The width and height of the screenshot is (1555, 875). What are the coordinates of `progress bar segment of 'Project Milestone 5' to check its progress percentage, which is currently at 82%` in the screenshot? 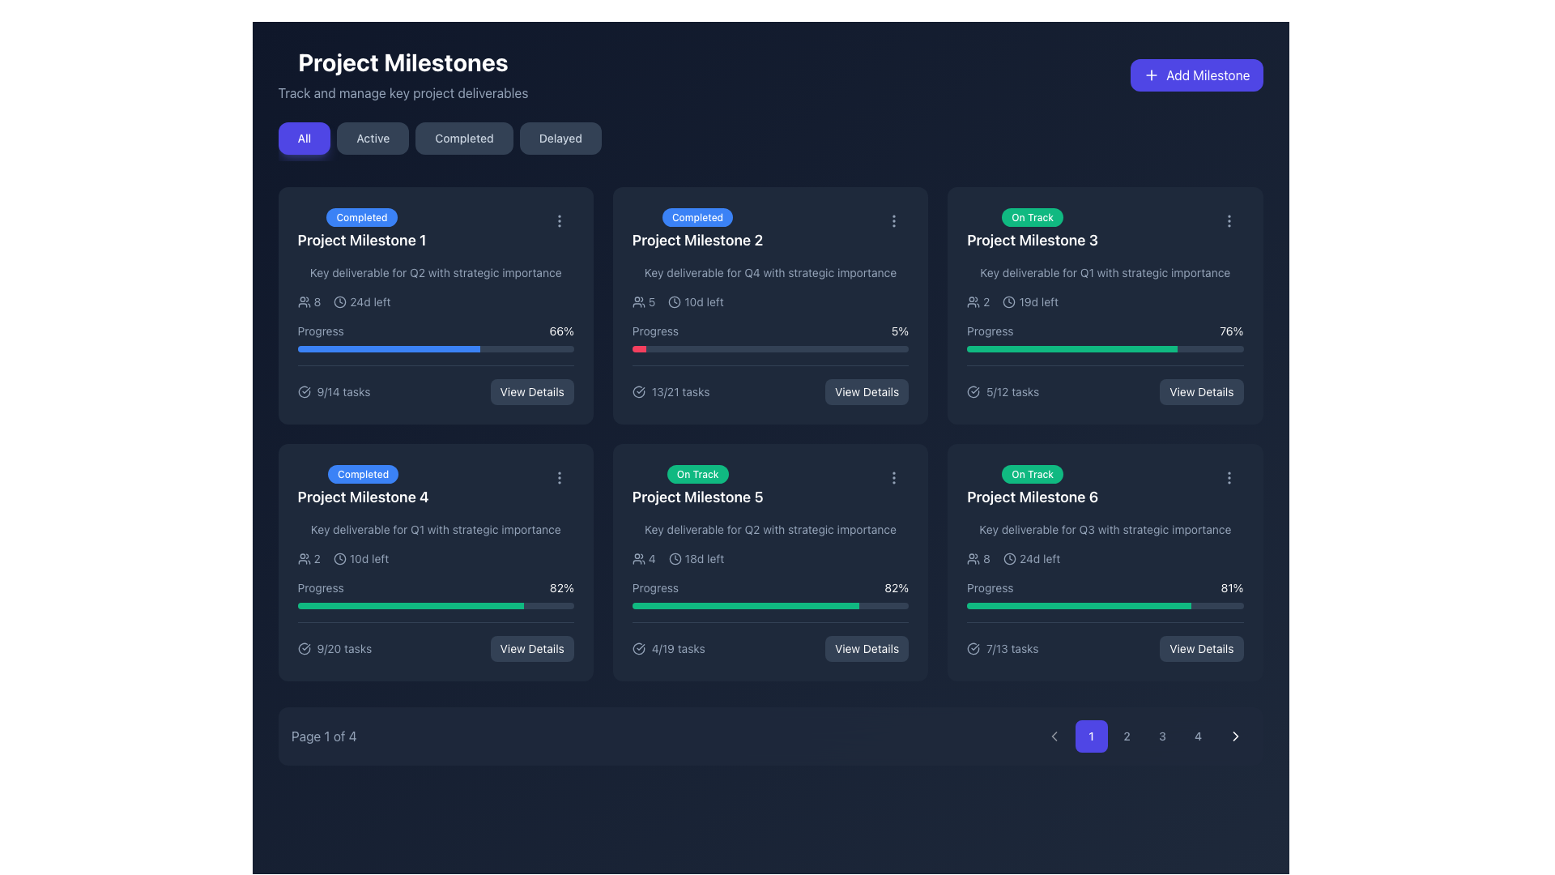 It's located at (744, 606).